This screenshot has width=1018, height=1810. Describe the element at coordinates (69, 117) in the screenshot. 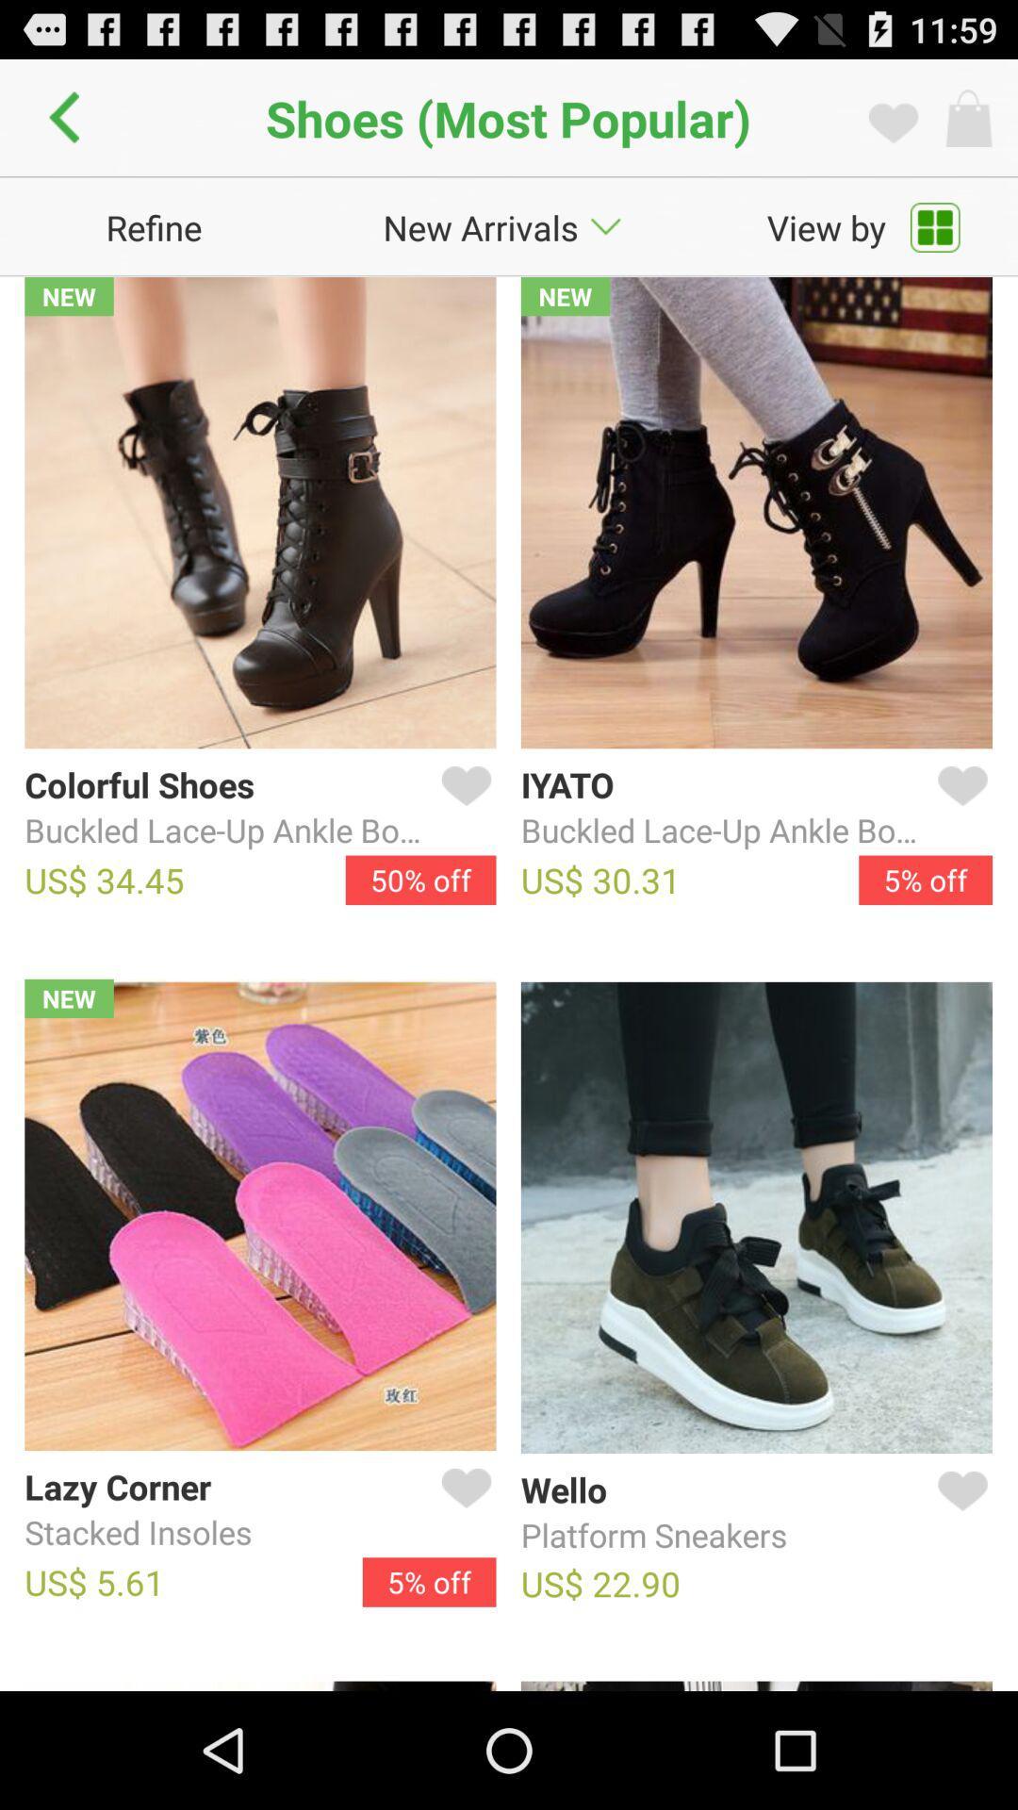

I see `app to the left of shoes (most popular) icon` at that location.